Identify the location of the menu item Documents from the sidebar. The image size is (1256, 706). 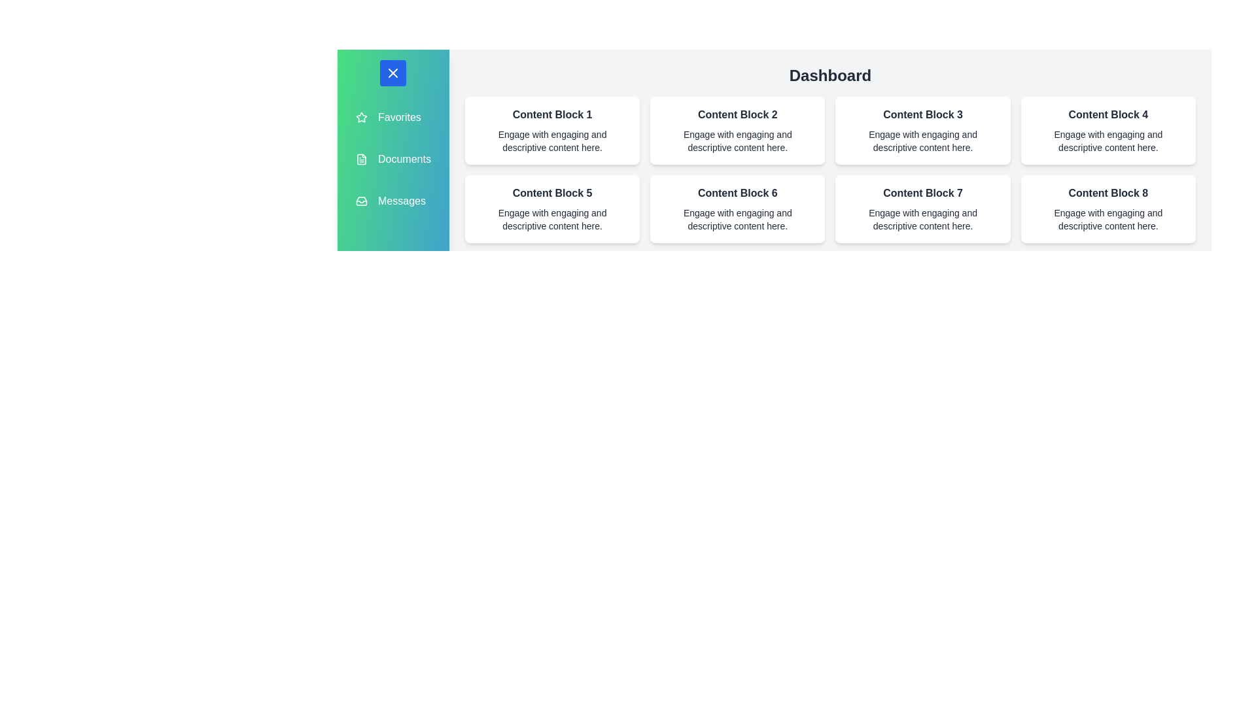
(392, 158).